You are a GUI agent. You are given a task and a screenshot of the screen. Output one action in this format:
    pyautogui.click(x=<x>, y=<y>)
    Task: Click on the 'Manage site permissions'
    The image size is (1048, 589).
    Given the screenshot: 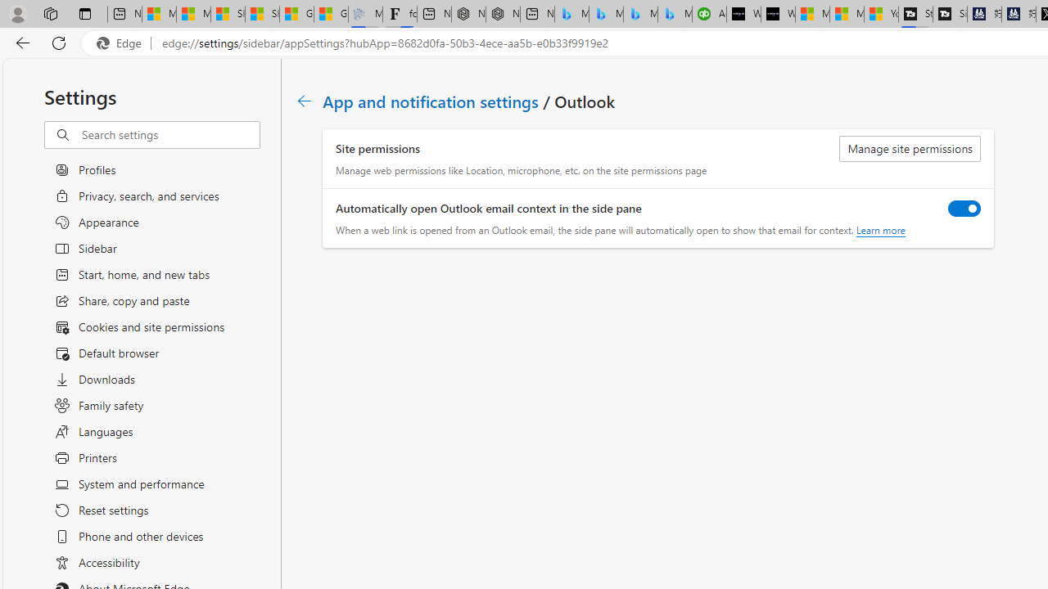 What is the action you would take?
    pyautogui.click(x=909, y=149)
    